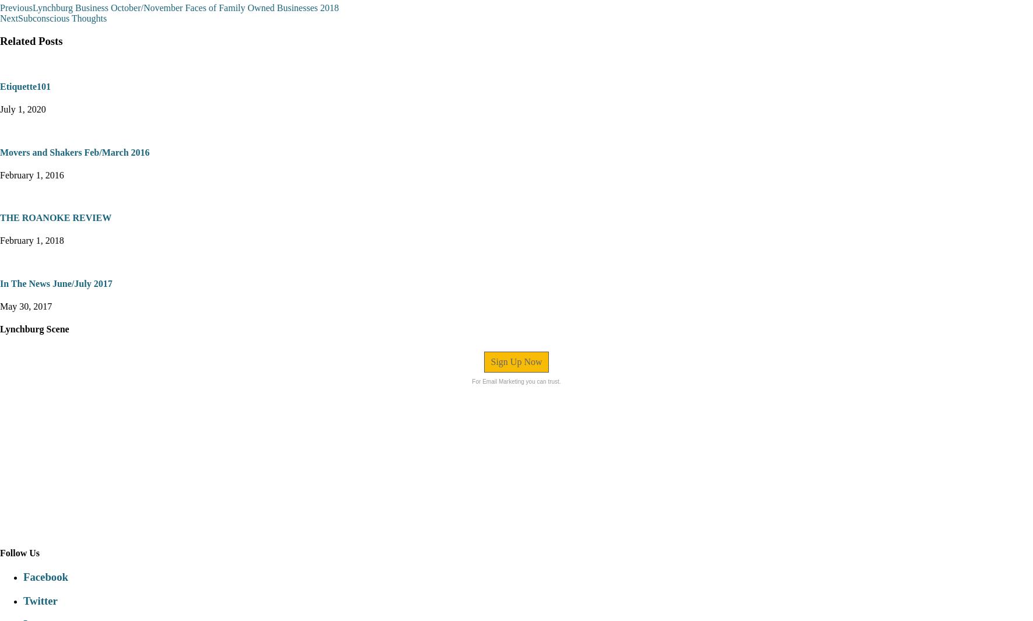 The width and height of the screenshot is (1033, 621). I want to click on 'Movers and Shakers Feb/March 2016', so click(0, 151).